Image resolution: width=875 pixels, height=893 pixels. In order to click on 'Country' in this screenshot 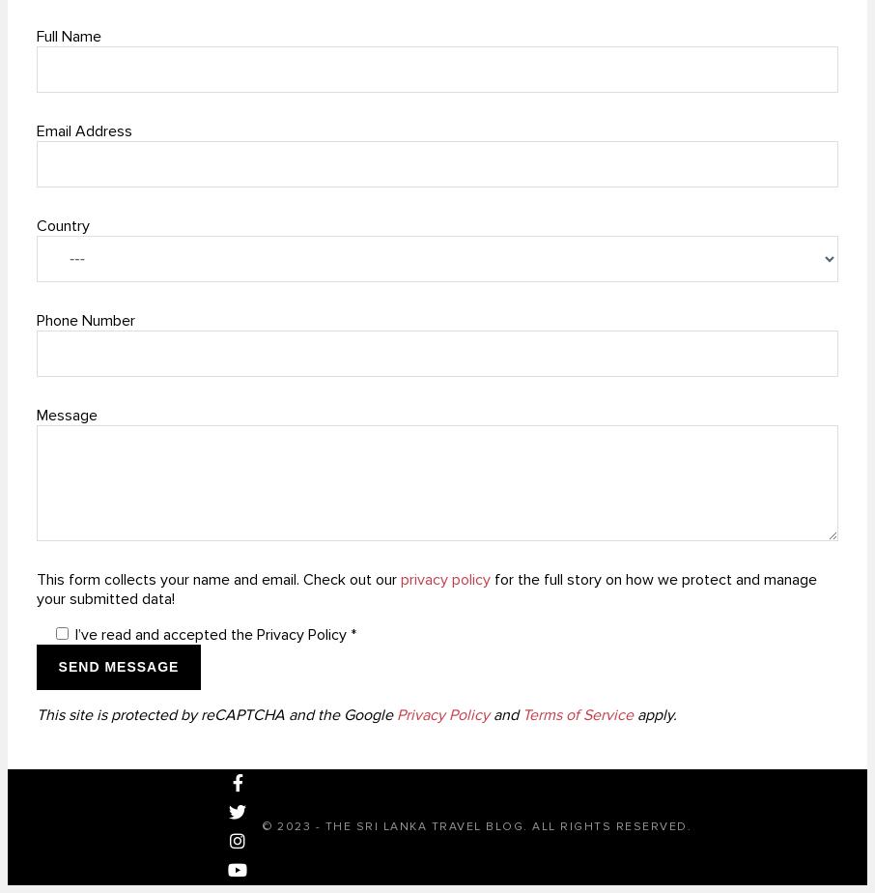, I will do `click(63, 224)`.